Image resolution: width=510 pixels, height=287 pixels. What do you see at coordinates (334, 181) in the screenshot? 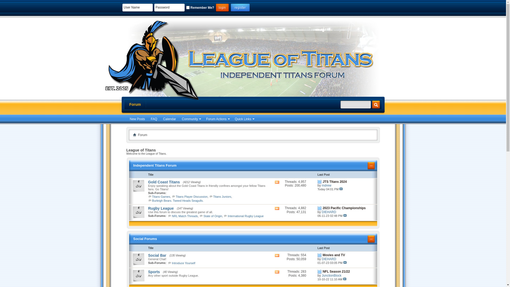
I see `'JTS TItans 2024'` at bounding box center [334, 181].